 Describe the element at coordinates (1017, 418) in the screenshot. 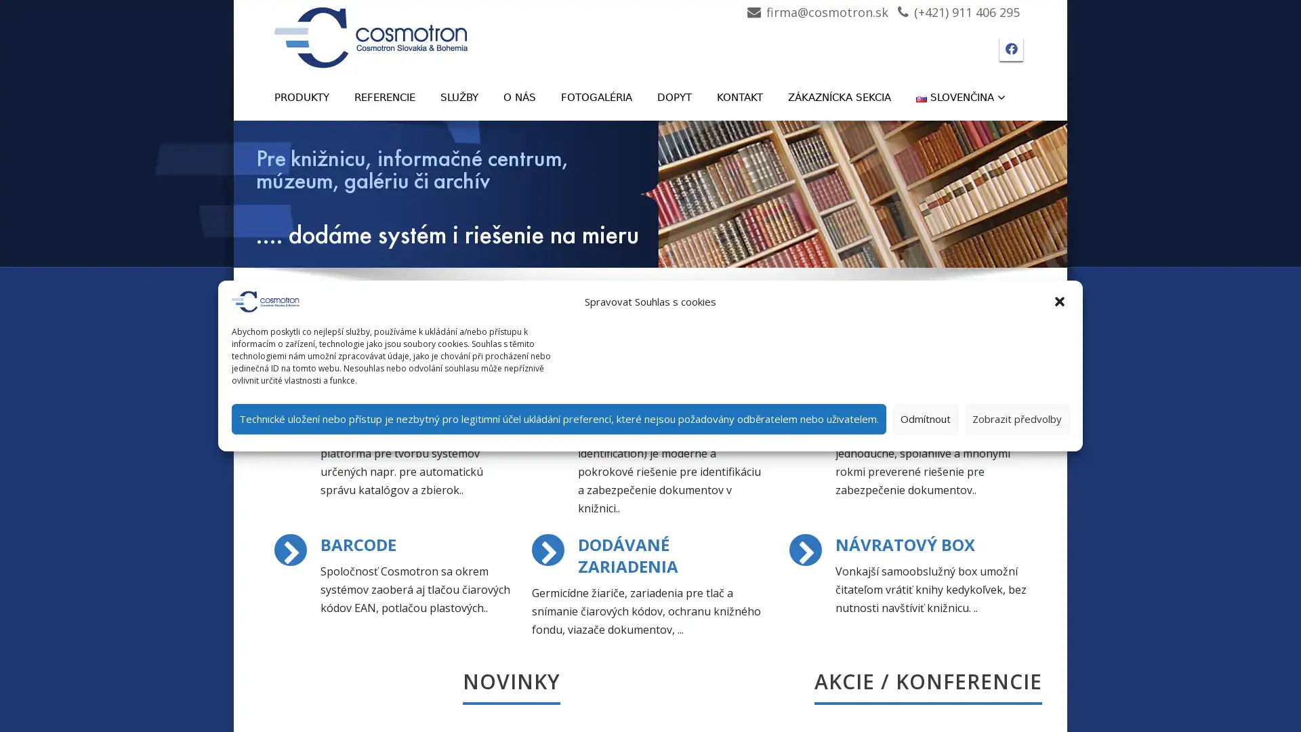

I see `Zobrazit predvolby` at that location.